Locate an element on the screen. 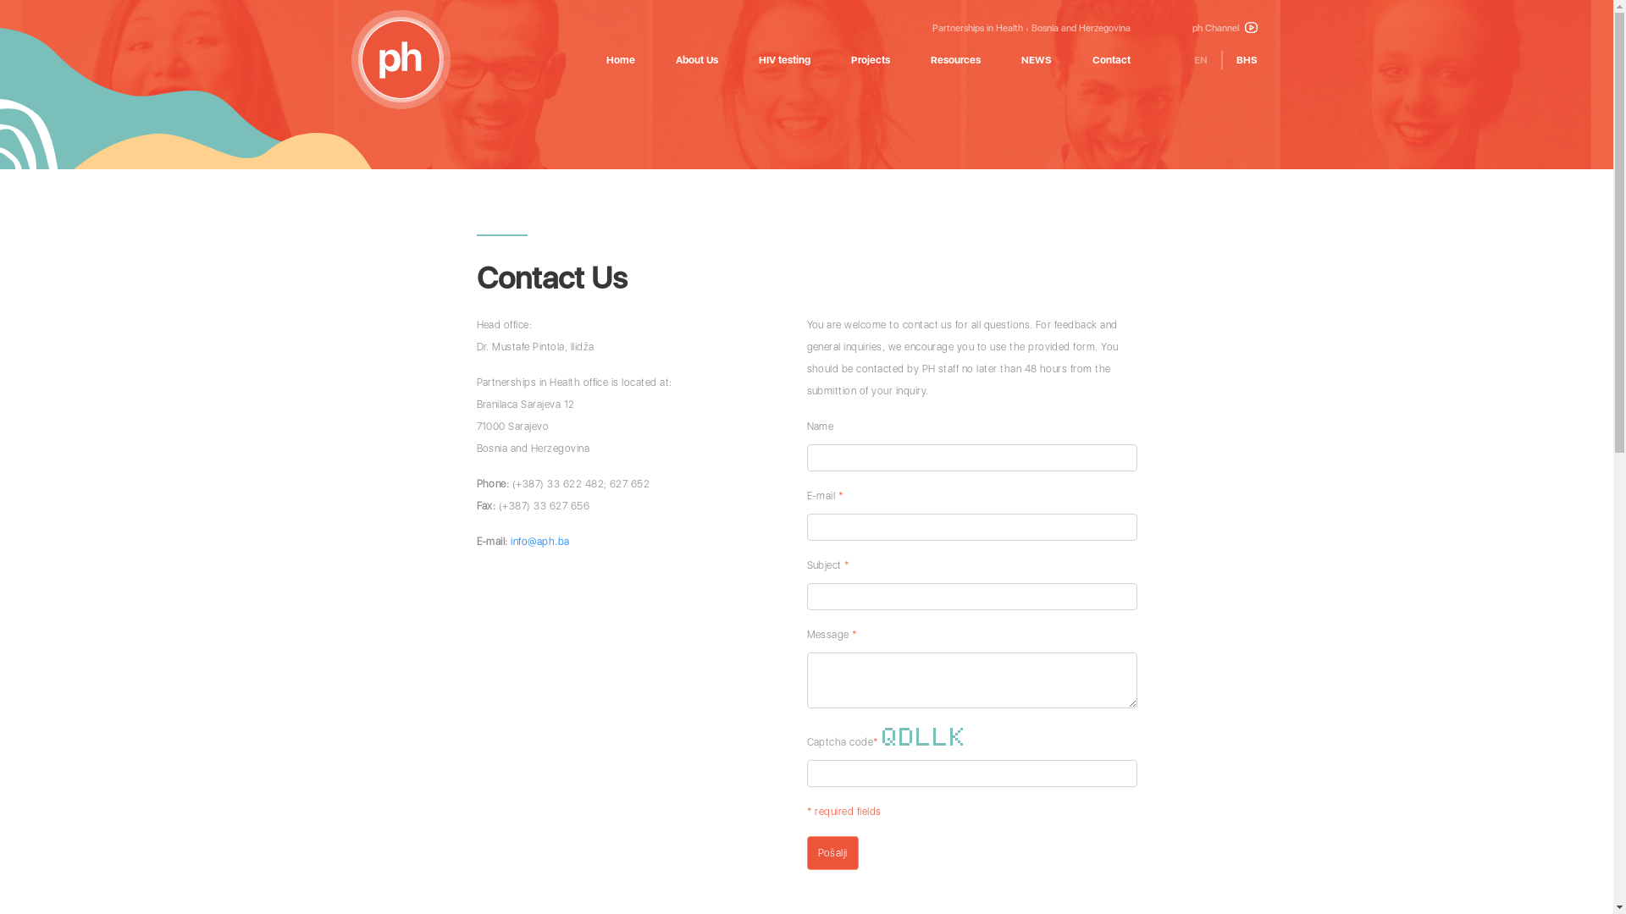  'Projects' is located at coordinates (870, 58).